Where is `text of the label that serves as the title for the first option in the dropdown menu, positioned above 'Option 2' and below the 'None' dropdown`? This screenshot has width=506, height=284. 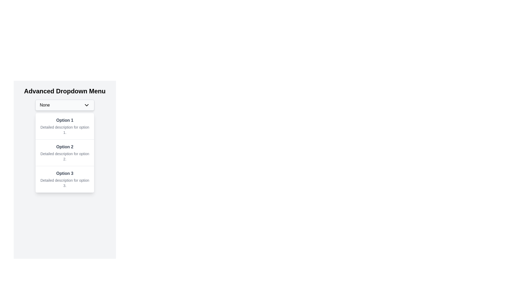 text of the label that serves as the title for the first option in the dropdown menu, positioned above 'Option 2' and below the 'None' dropdown is located at coordinates (64, 120).